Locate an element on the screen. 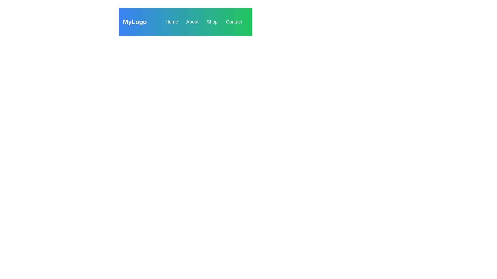 The width and height of the screenshot is (497, 279). the clickable text link labeled 'Shop' is located at coordinates (212, 21).